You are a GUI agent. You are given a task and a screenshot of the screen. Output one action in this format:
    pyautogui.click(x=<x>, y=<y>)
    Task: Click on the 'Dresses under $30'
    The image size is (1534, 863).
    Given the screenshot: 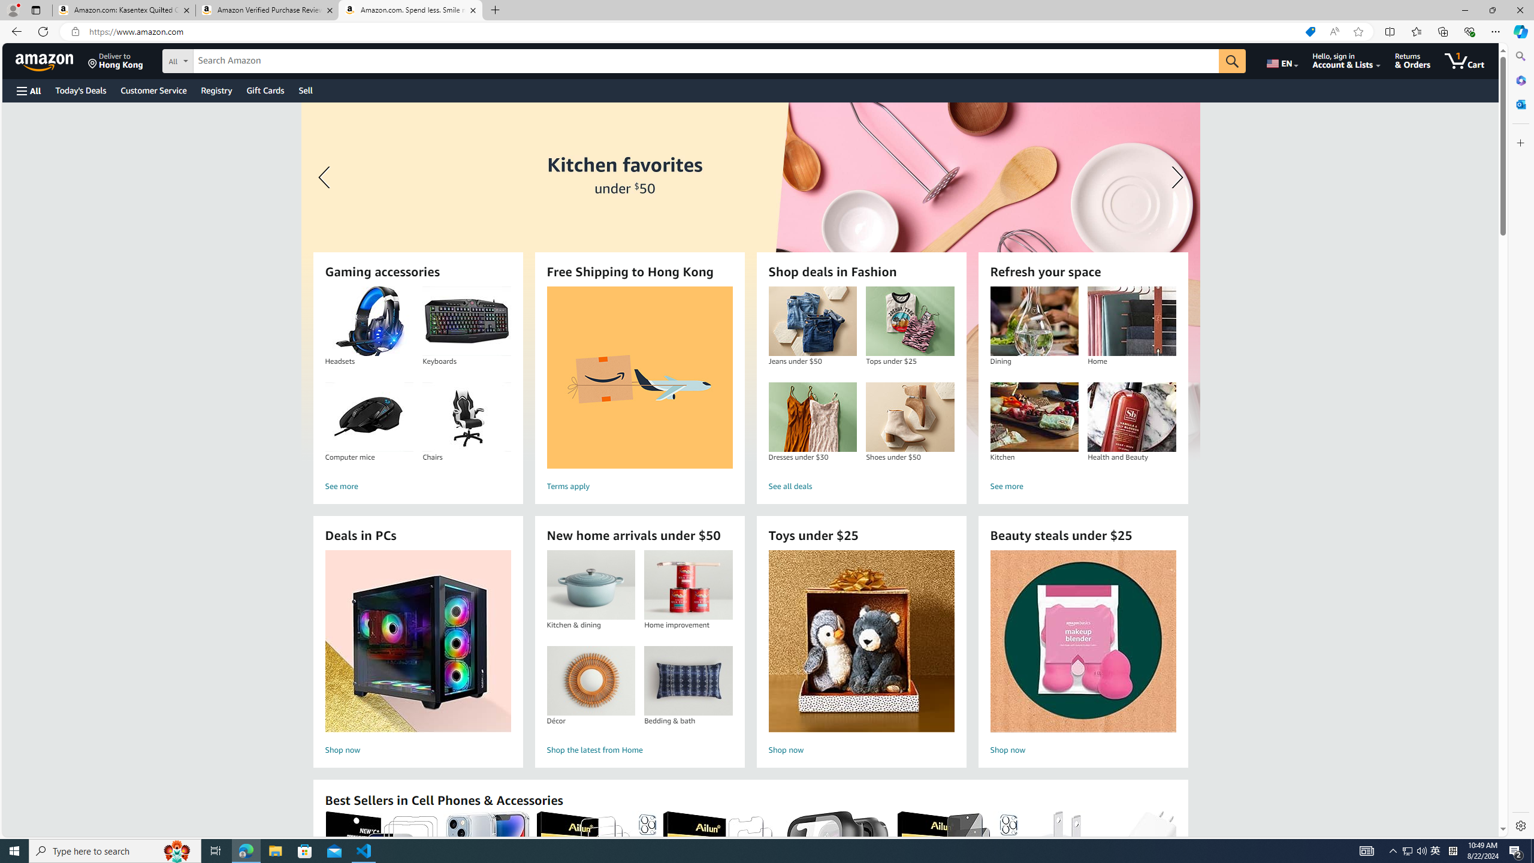 What is the action you would take?
    pyautogui.click(x=811, y=417)
    